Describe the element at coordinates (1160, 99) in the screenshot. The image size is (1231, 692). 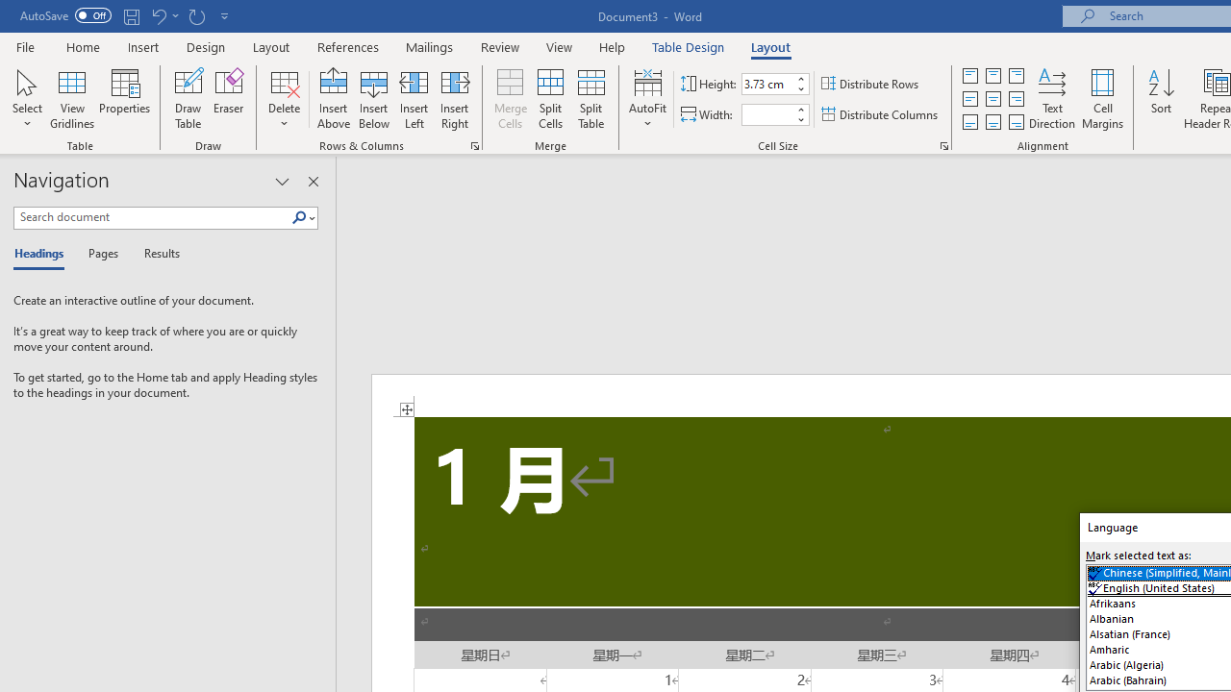
I see `'Sort...'` at that location.